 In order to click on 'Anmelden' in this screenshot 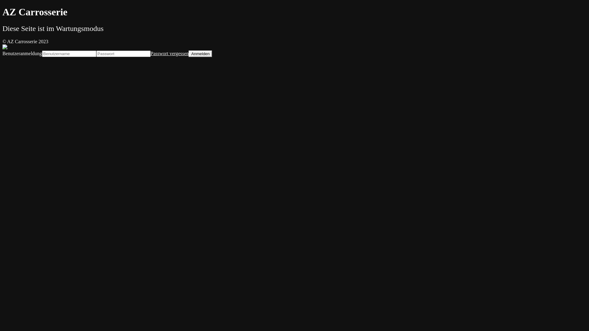, I will do `click(188, 53)`.